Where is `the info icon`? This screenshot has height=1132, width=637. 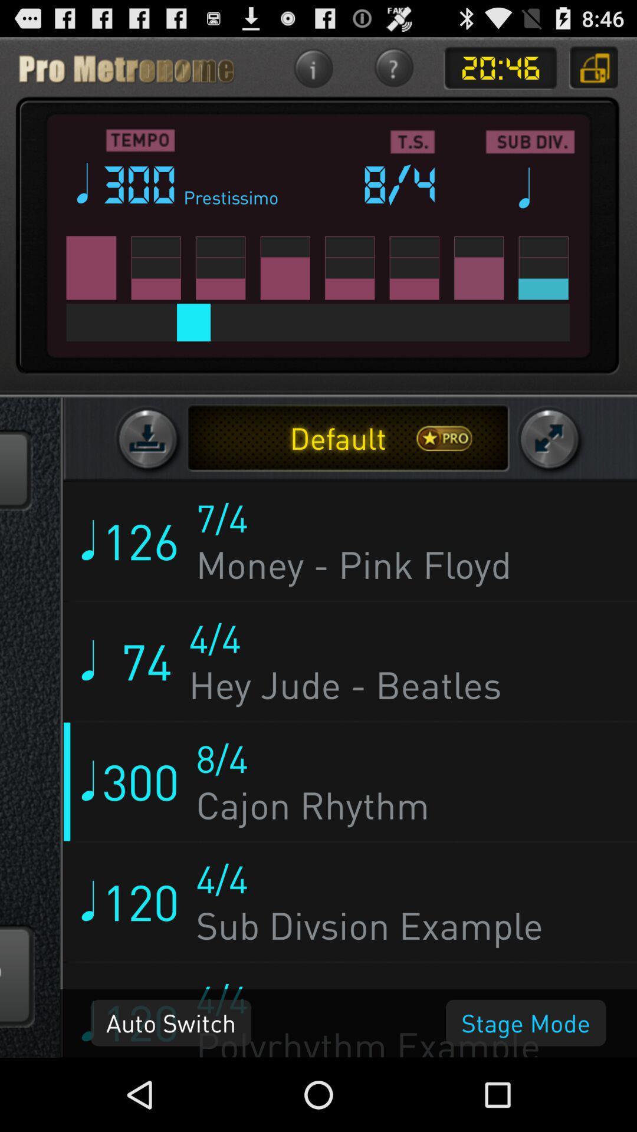
the info icon is located at coordinates (312, 73).